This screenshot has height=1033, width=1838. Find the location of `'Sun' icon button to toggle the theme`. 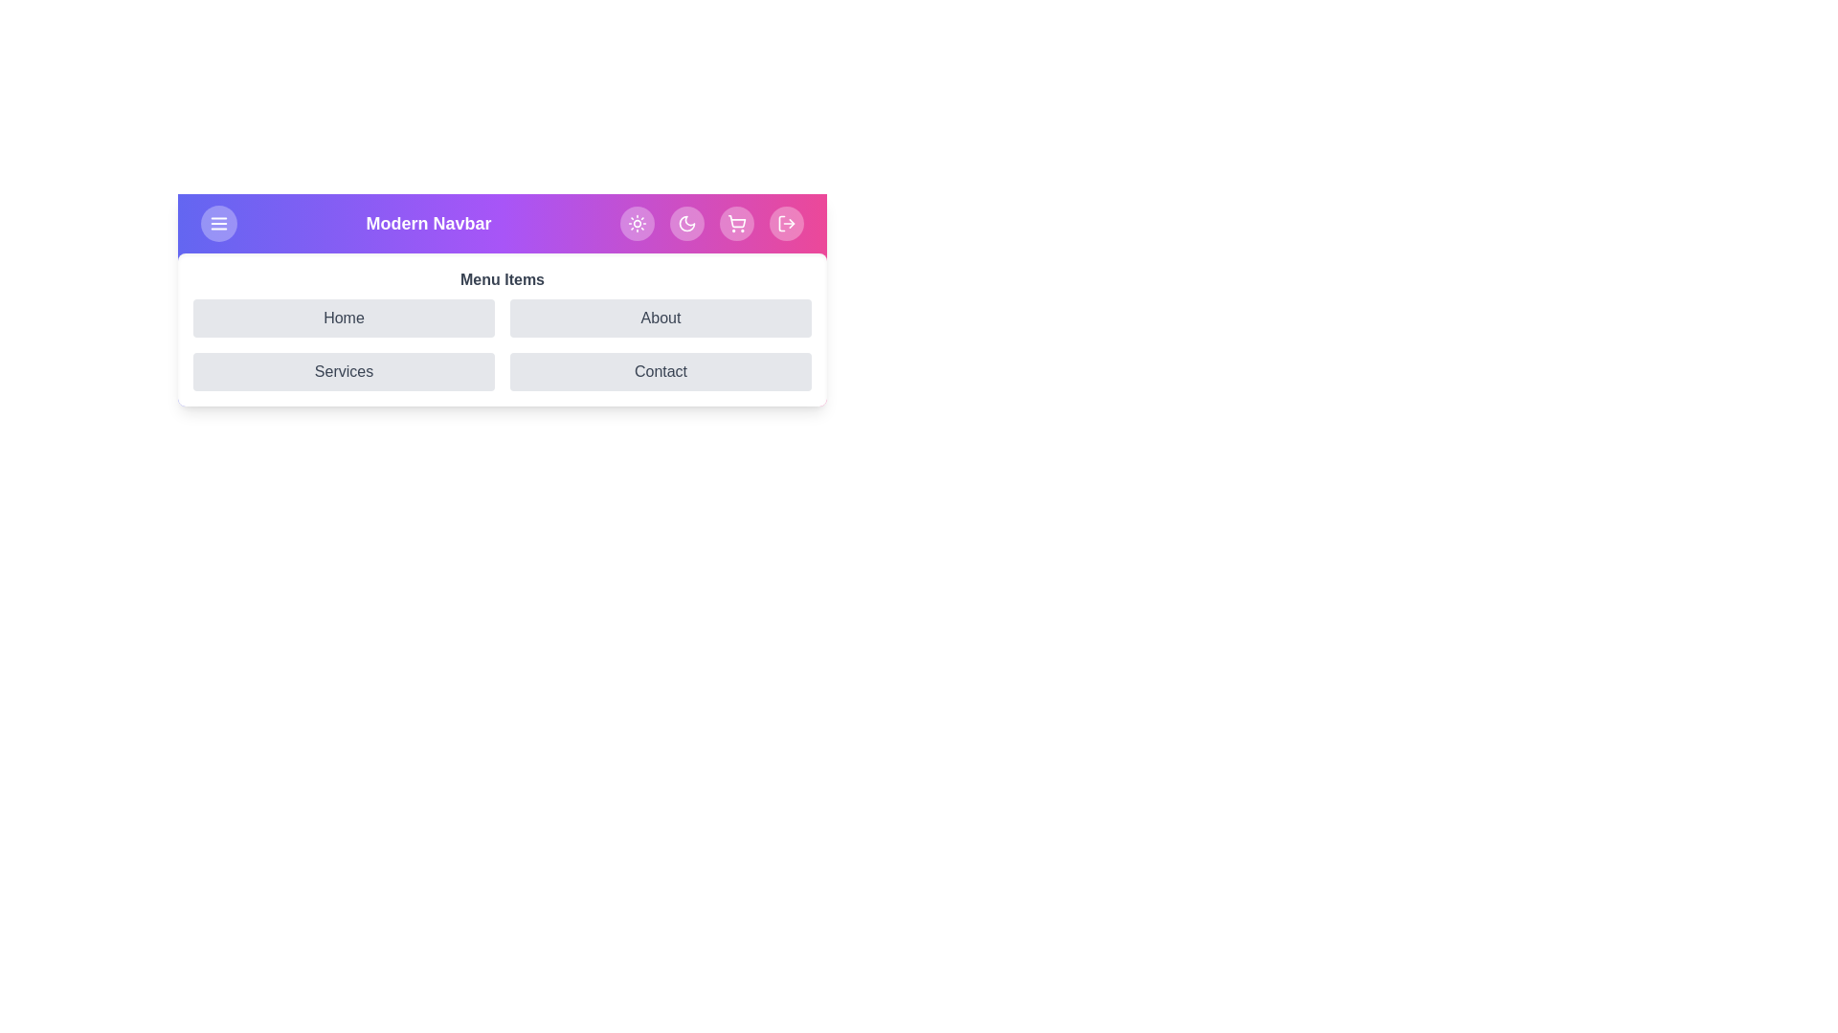

'Sun' icon button to toggle the theme is located at coordinates (638, 223).